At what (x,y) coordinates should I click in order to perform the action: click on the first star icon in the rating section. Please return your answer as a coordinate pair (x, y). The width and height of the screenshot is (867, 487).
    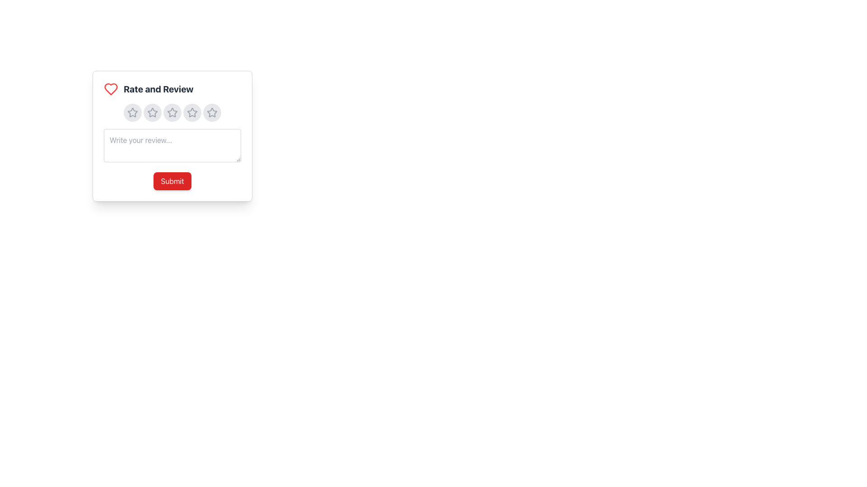
    Looking at the image, I should click on (132, 112).